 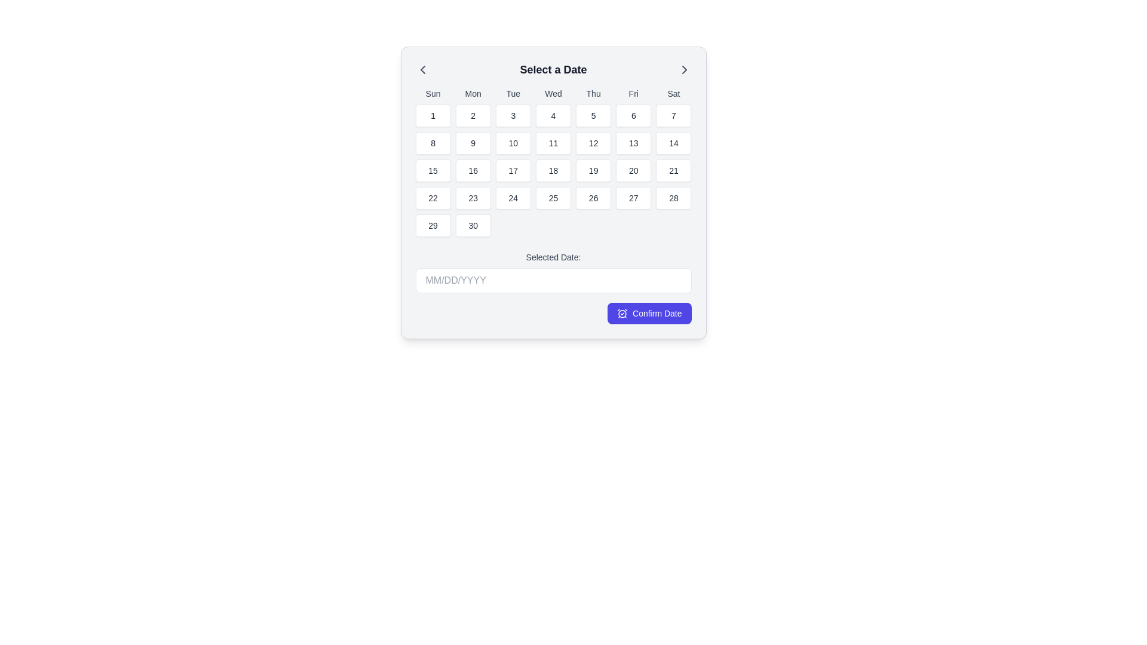 I want to click on the rounded interactive button labeled '1' in the calendar grid under 'Sun', so click(x=432, y=115).